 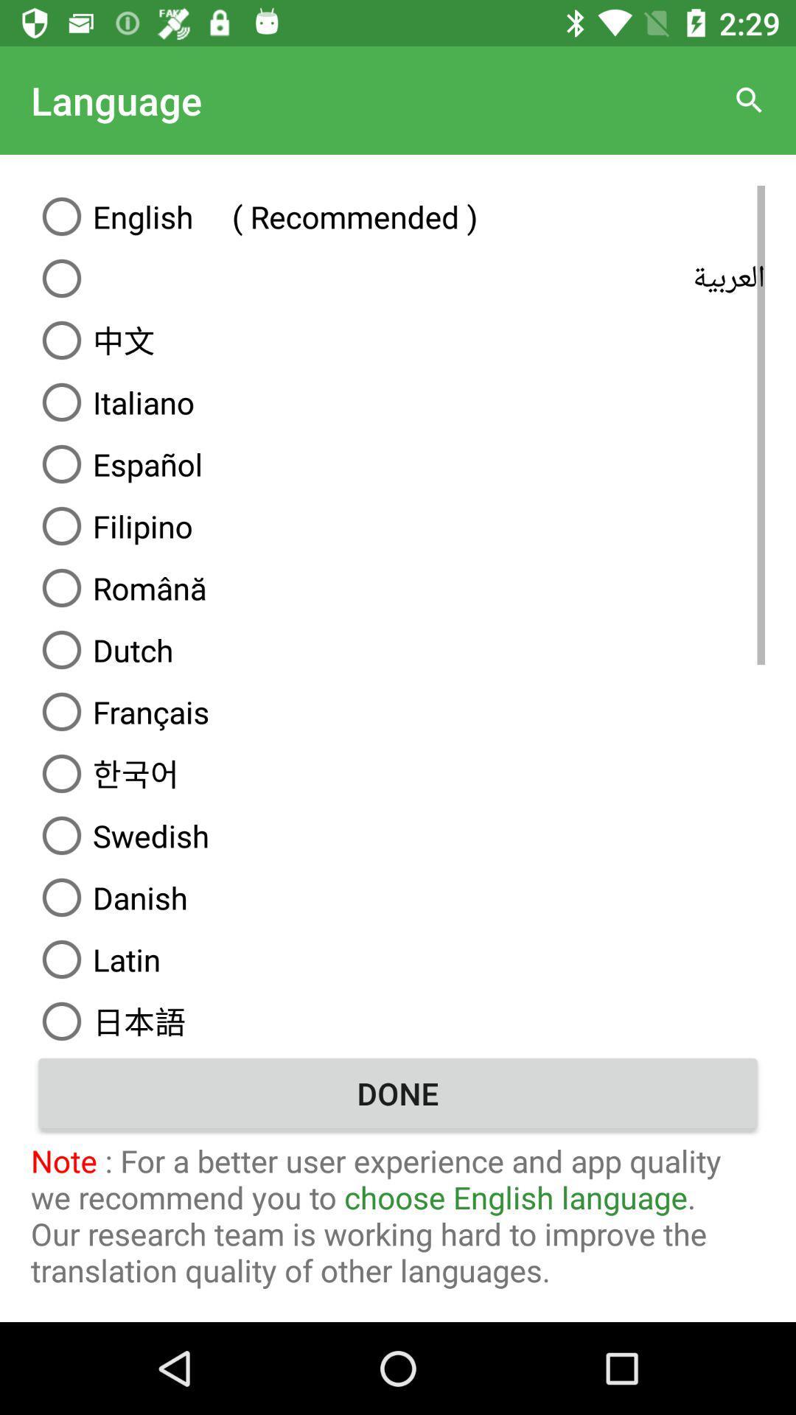 What do you see at coordinates (398, 773) in the screenshot?
I see `option above swedish` at bounding box center [398, 773].